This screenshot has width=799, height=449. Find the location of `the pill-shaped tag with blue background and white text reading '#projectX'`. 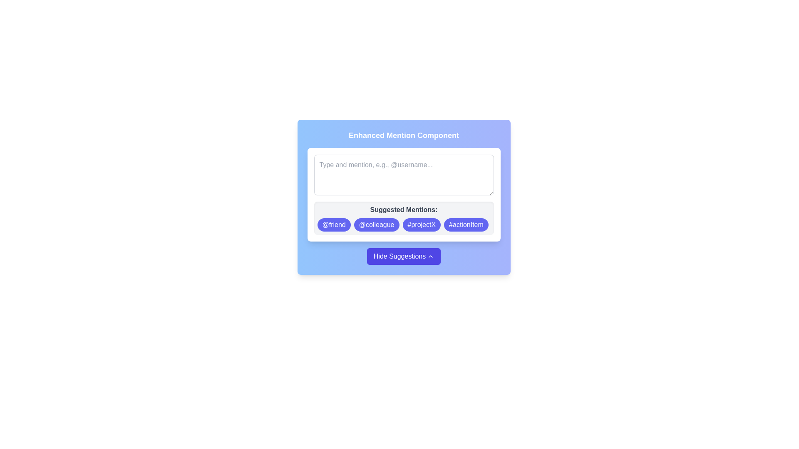

the pill-shaped tag with blue background and white text reading '#projectX' is located at coordinates (422, 224).